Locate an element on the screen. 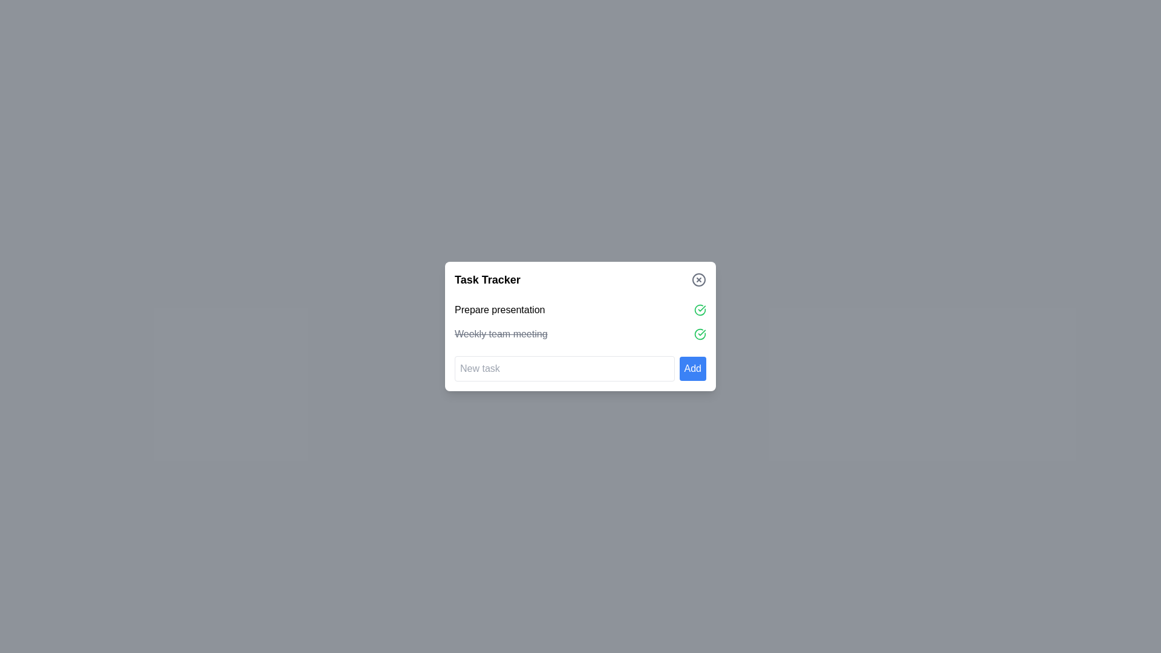 The width and height of the screenshot is (1161, 653). the close button located on the right side of the title bar of the task management interface is located at coordinates (580, 284).